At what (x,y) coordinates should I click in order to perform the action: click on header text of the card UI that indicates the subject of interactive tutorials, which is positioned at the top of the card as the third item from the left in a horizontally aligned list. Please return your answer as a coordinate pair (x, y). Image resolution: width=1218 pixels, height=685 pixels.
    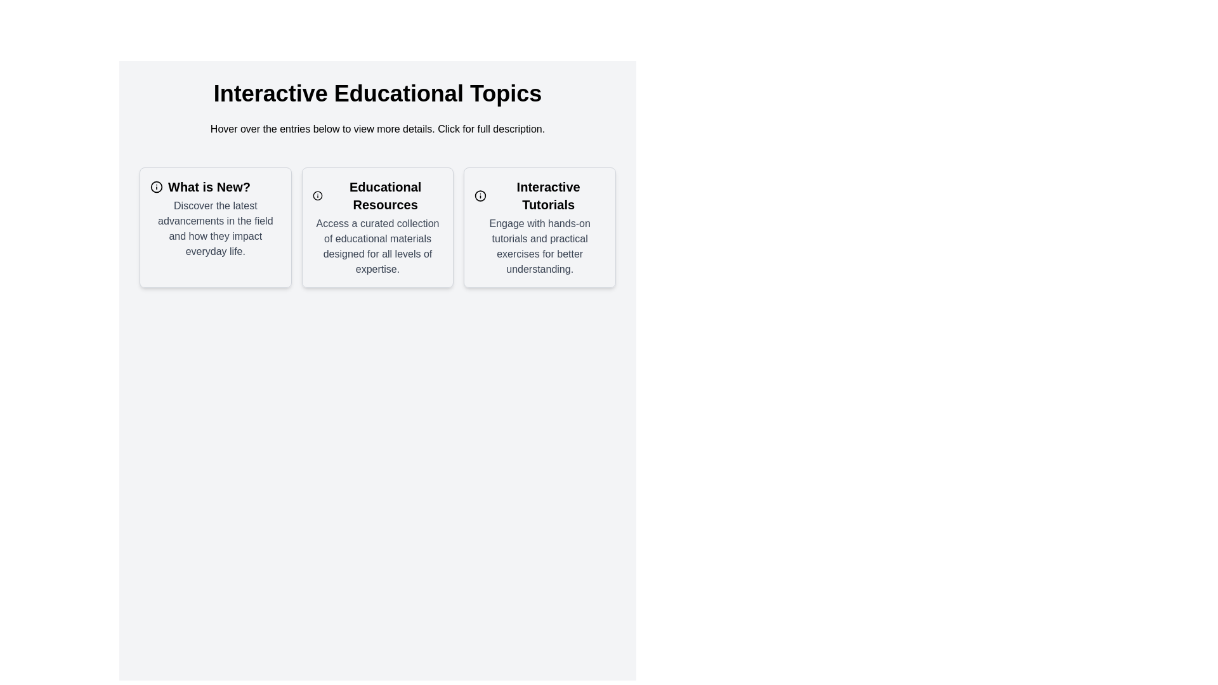
    Looking at the image, I should click on (540, 195).